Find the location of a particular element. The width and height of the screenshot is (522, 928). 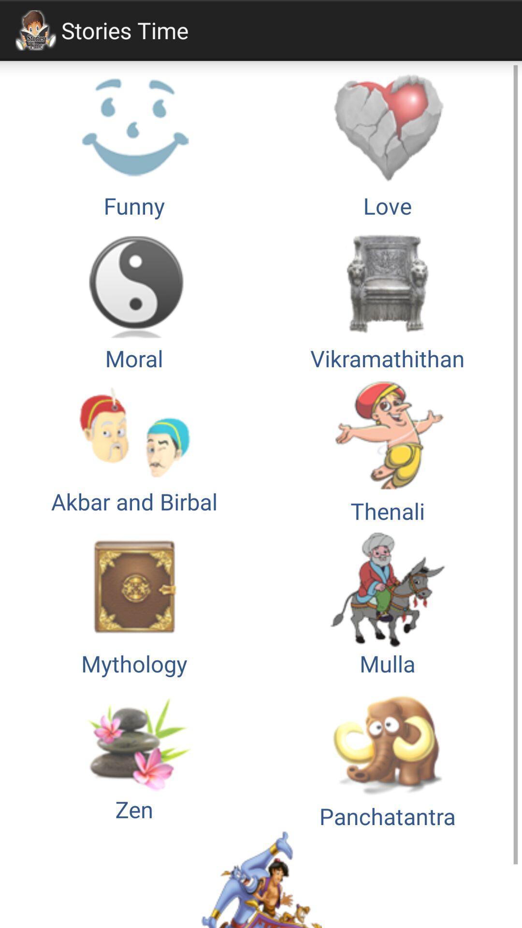

thenali icon is located at coordinates (387, 449).